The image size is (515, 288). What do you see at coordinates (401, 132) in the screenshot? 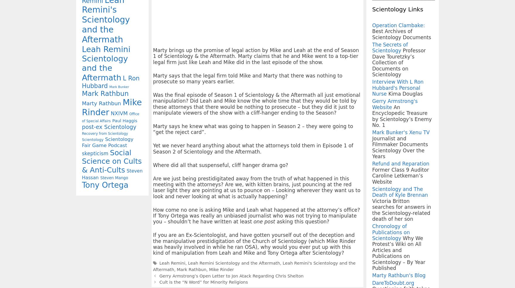
I see `'Mark Bunker's Xenu TV'` at bounding box center [401, 132].